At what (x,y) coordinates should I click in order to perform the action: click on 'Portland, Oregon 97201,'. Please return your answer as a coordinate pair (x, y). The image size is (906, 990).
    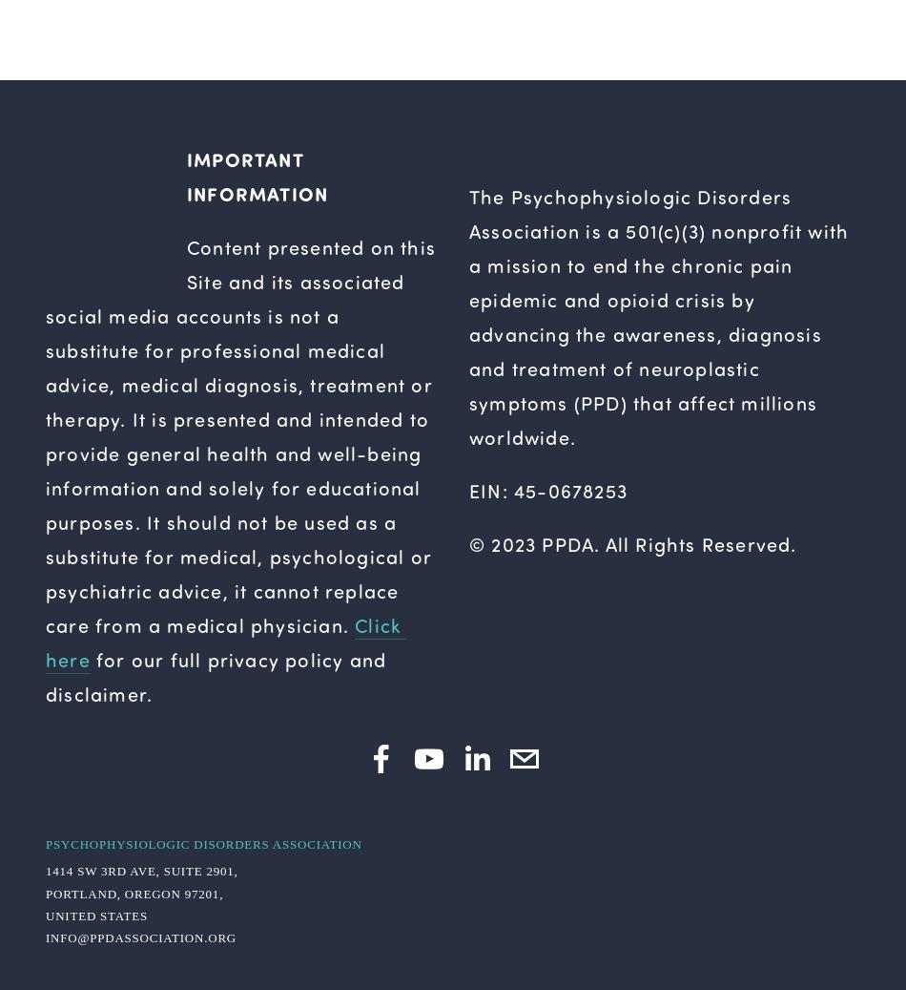
    Looking at the image, I should click on (134, 893).